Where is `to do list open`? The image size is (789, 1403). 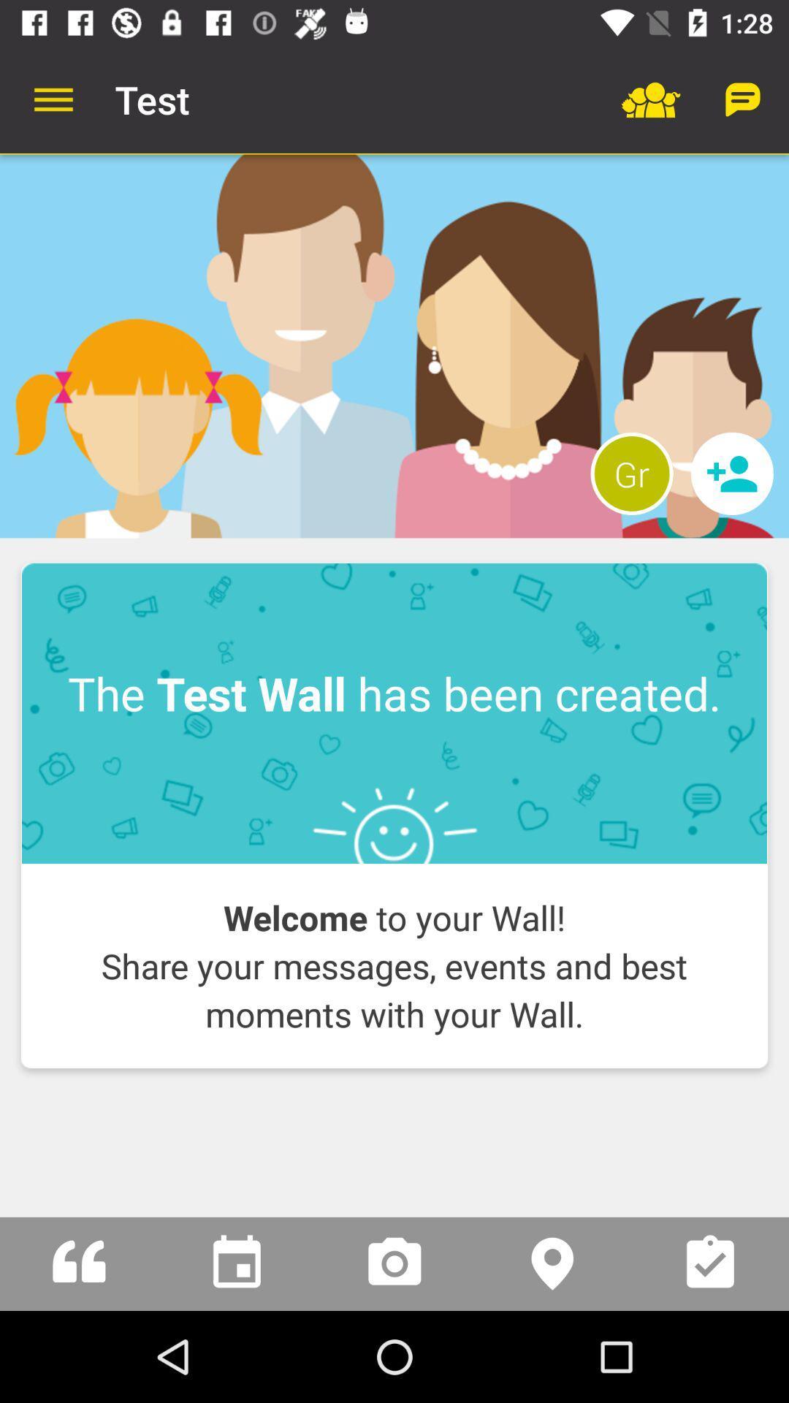
to do list open is located at coordinates (709, 1263).